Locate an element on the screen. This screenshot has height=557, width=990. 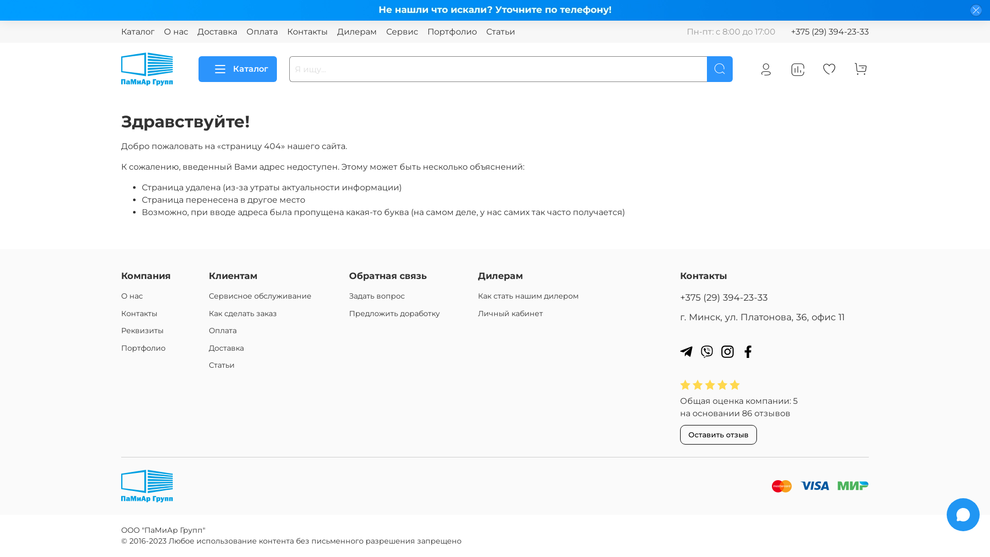
'+375 (29) 394-23-33' is located at coordinates (723, 297).